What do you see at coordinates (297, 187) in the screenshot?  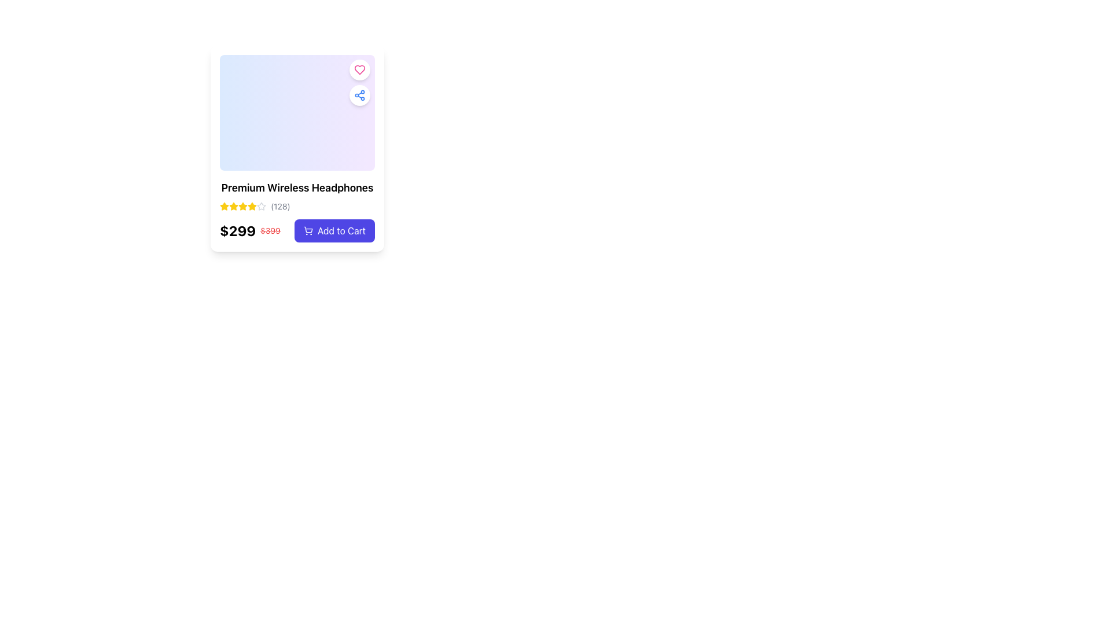 I see `the text label that serves as the title of the product showcased in the card, located near the upper portion of the product card interface` at bounding box center [297, 187].